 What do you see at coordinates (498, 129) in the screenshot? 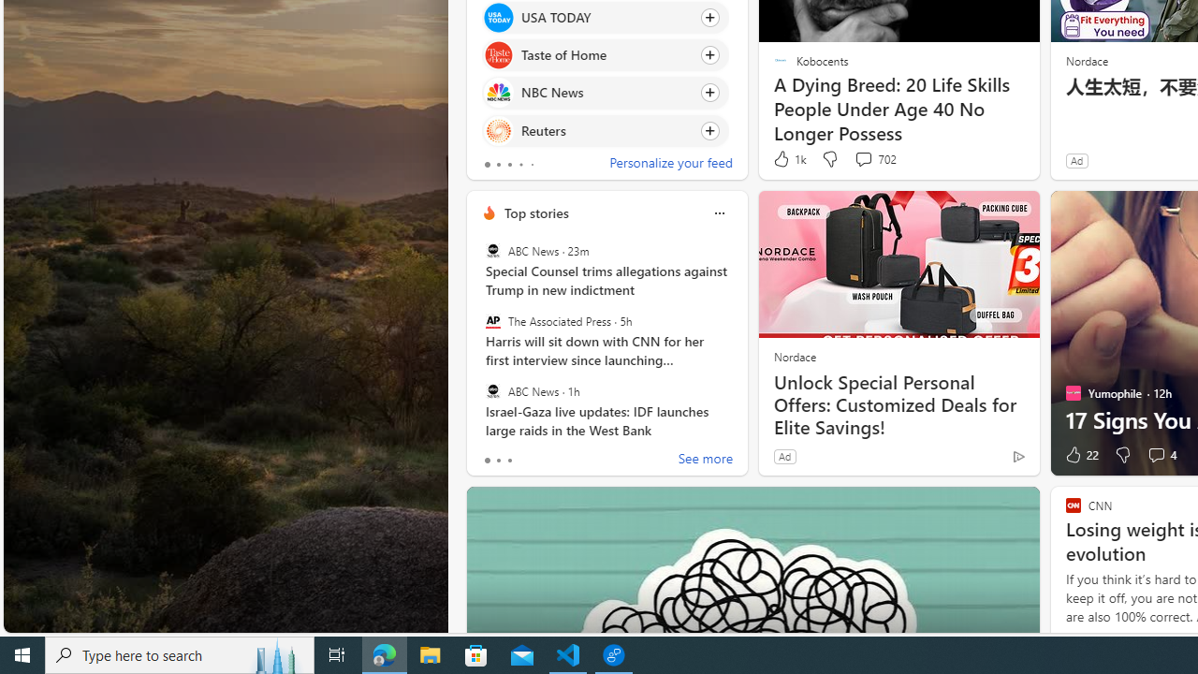
I see `'Reuters'` at bounding box center [498, 129].